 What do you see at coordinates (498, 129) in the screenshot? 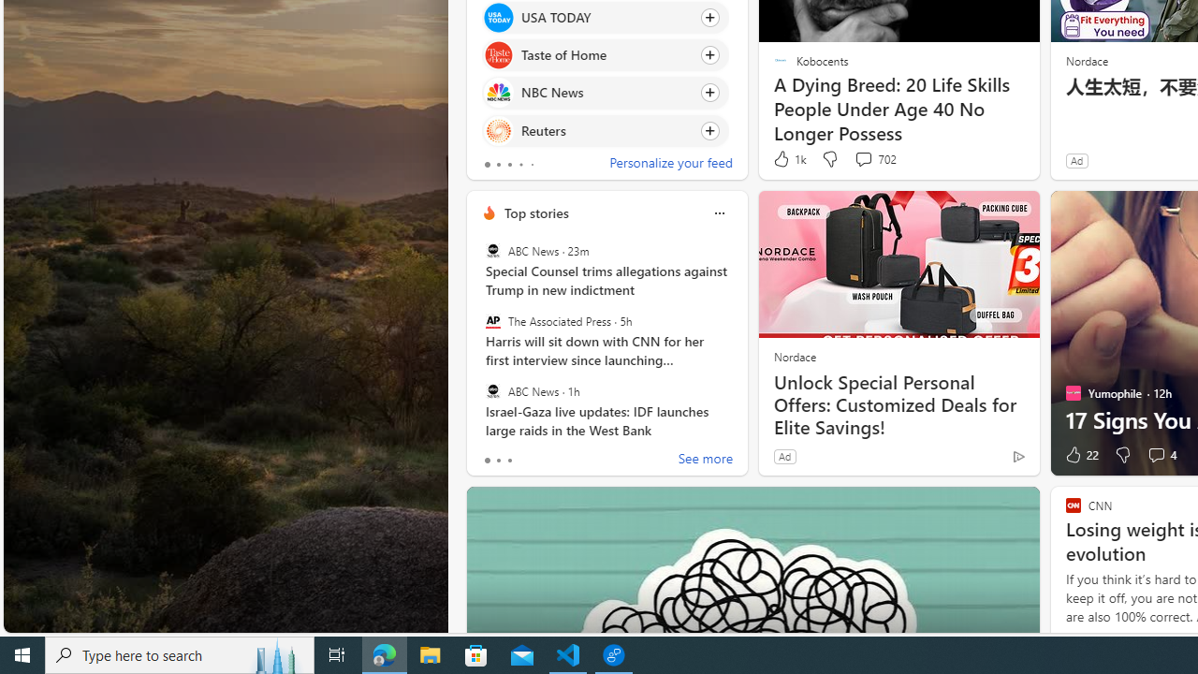
I see `'Reuters'` at bounding box center [498, 129].